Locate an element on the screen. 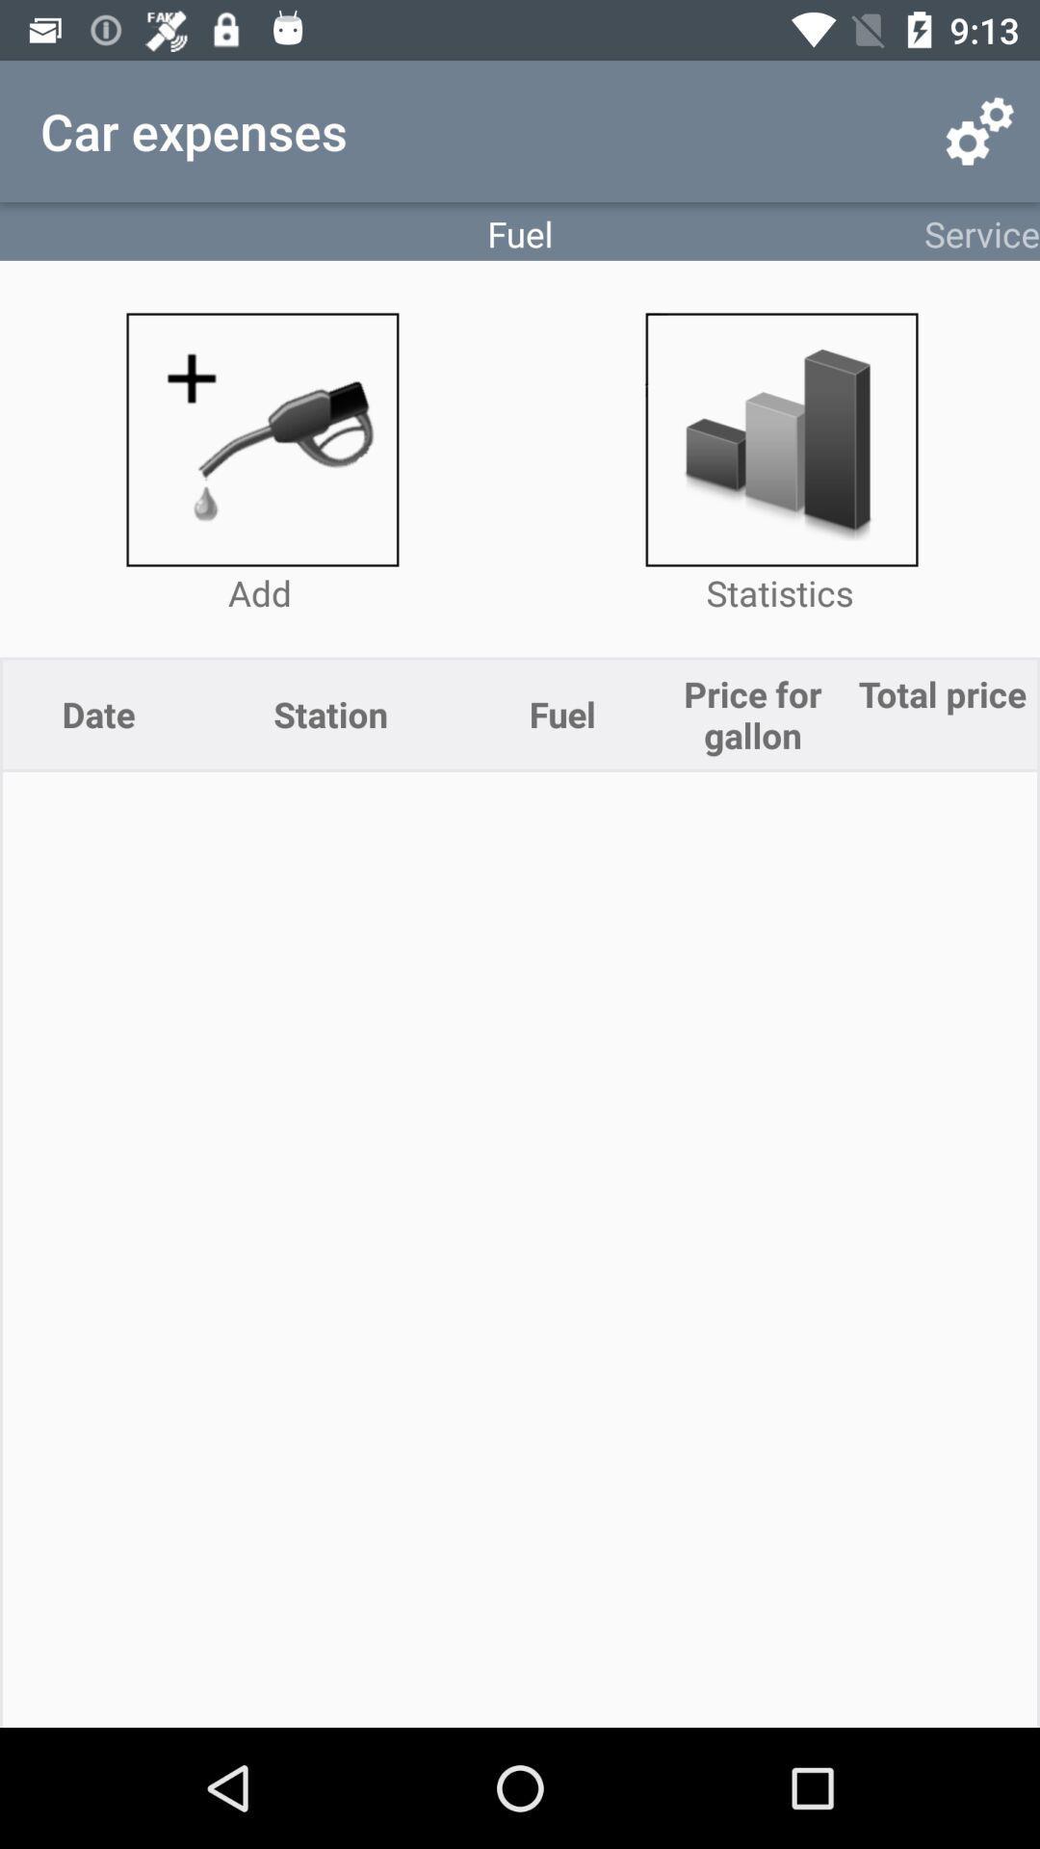 This screenshot has height=1849, width=1040. app above service item is located at coordinates (979, 130).